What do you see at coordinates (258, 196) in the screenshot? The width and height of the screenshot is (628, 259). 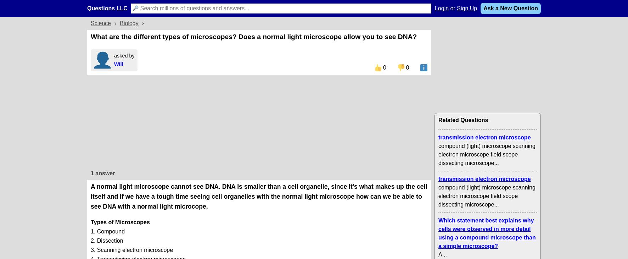 I see `'A normal light microscope cannot see DNA. DNA is smaller than a cell organelle, since it's what makes up the cell itself and if we have a tough time seeing cell organelles with the normal light microscope how can we be able to see DNA with a normal light microcope.'` at bounding box center [258, 196].